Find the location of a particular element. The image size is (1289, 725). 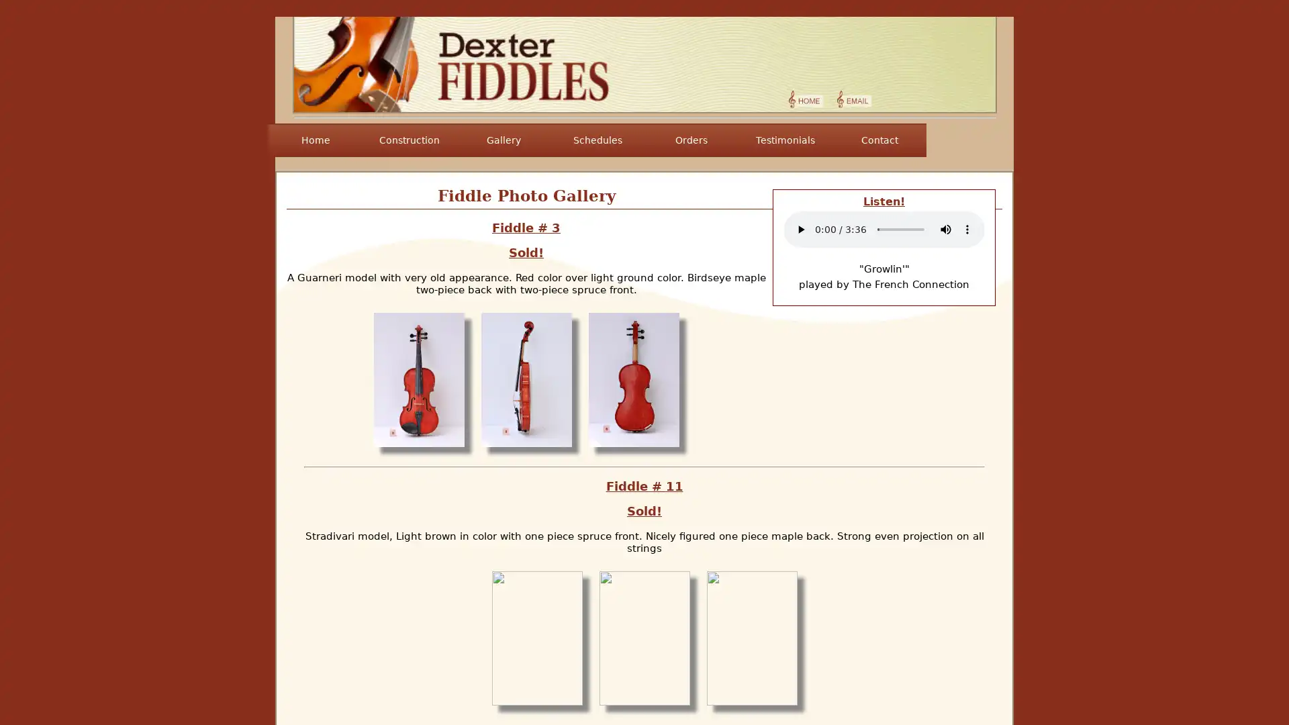

play is located at coordinates (801, 228).